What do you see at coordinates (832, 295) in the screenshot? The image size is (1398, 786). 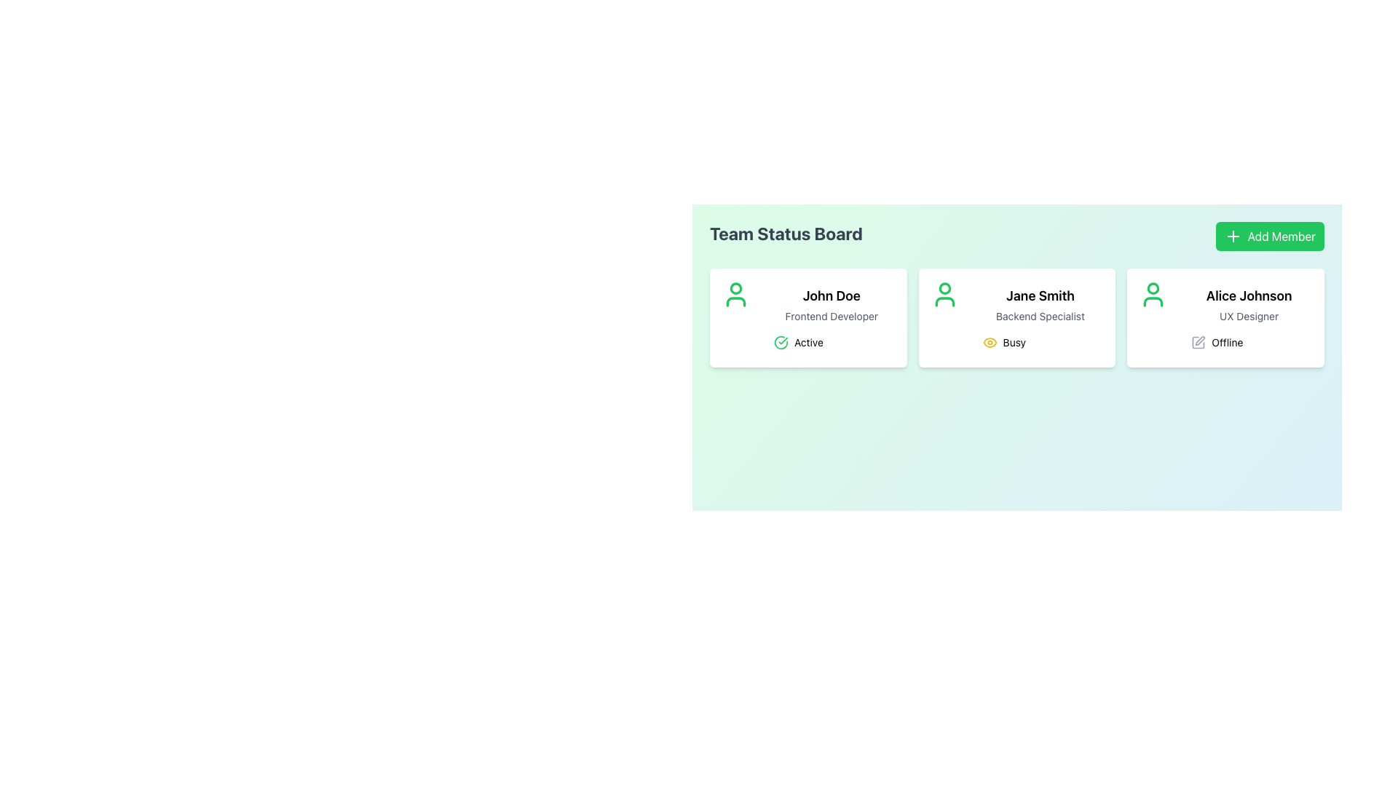 I see `the text label displaying 'John Doe', which is styled in bold and larger font, located at the top of the first card in a horizontally aligned set of cards` at bounding box center [832, 295].